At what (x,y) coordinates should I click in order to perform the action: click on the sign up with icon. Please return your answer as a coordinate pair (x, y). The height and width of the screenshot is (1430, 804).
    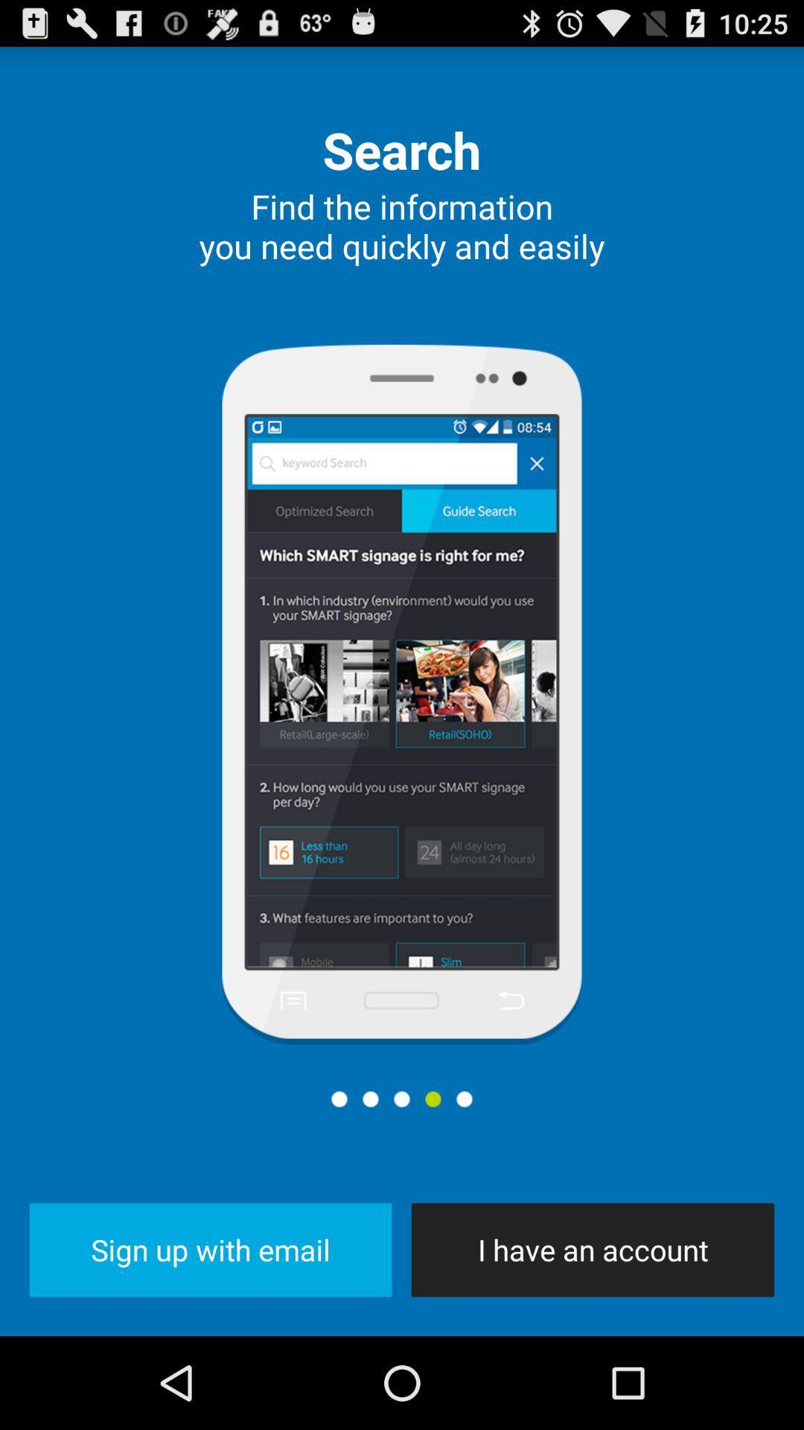
    Looking at the image, I should click on (211, 1250).